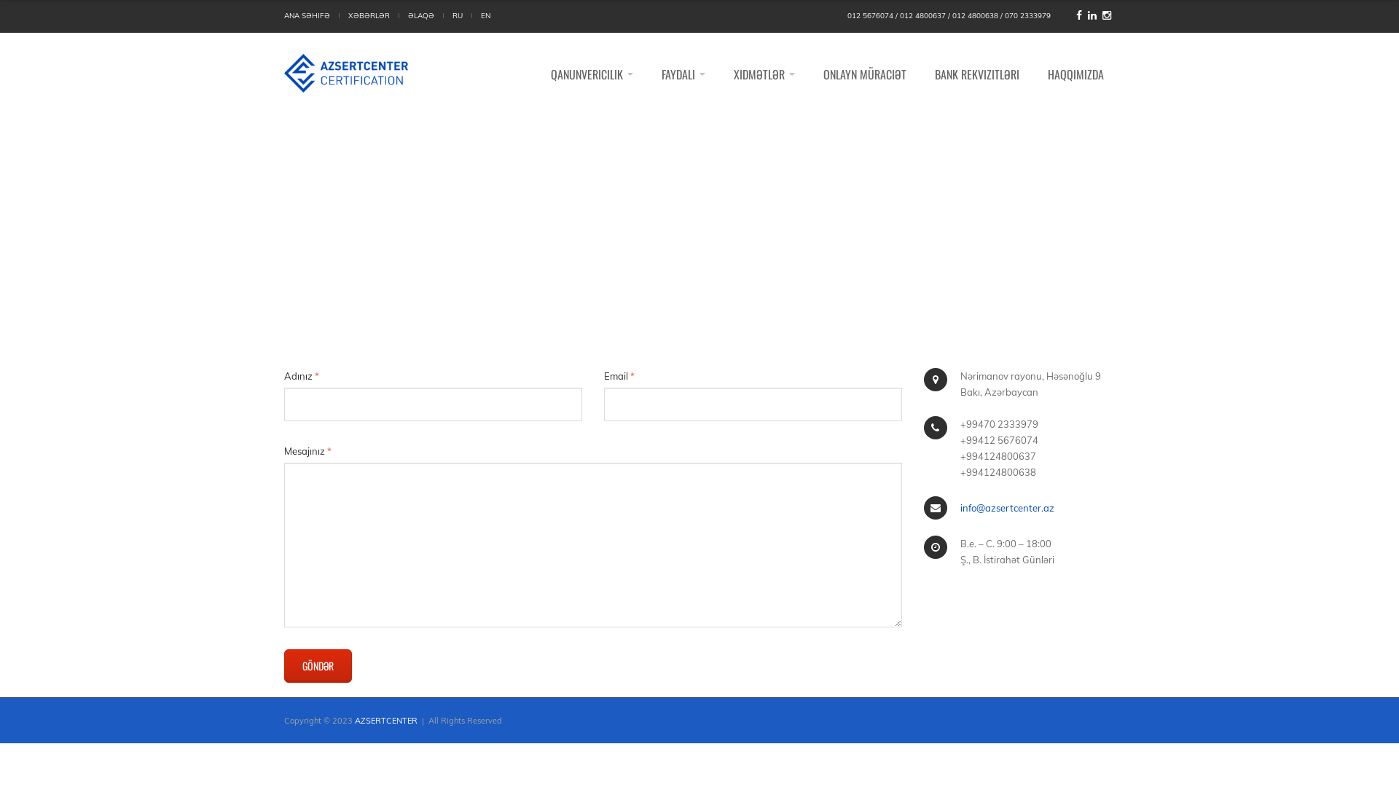 The height and width of the screenshot is (787, 1399). What do you see at coordinates (457, 16) in the screenshot?
I see `'RU'` at bounding box center [457, 16].